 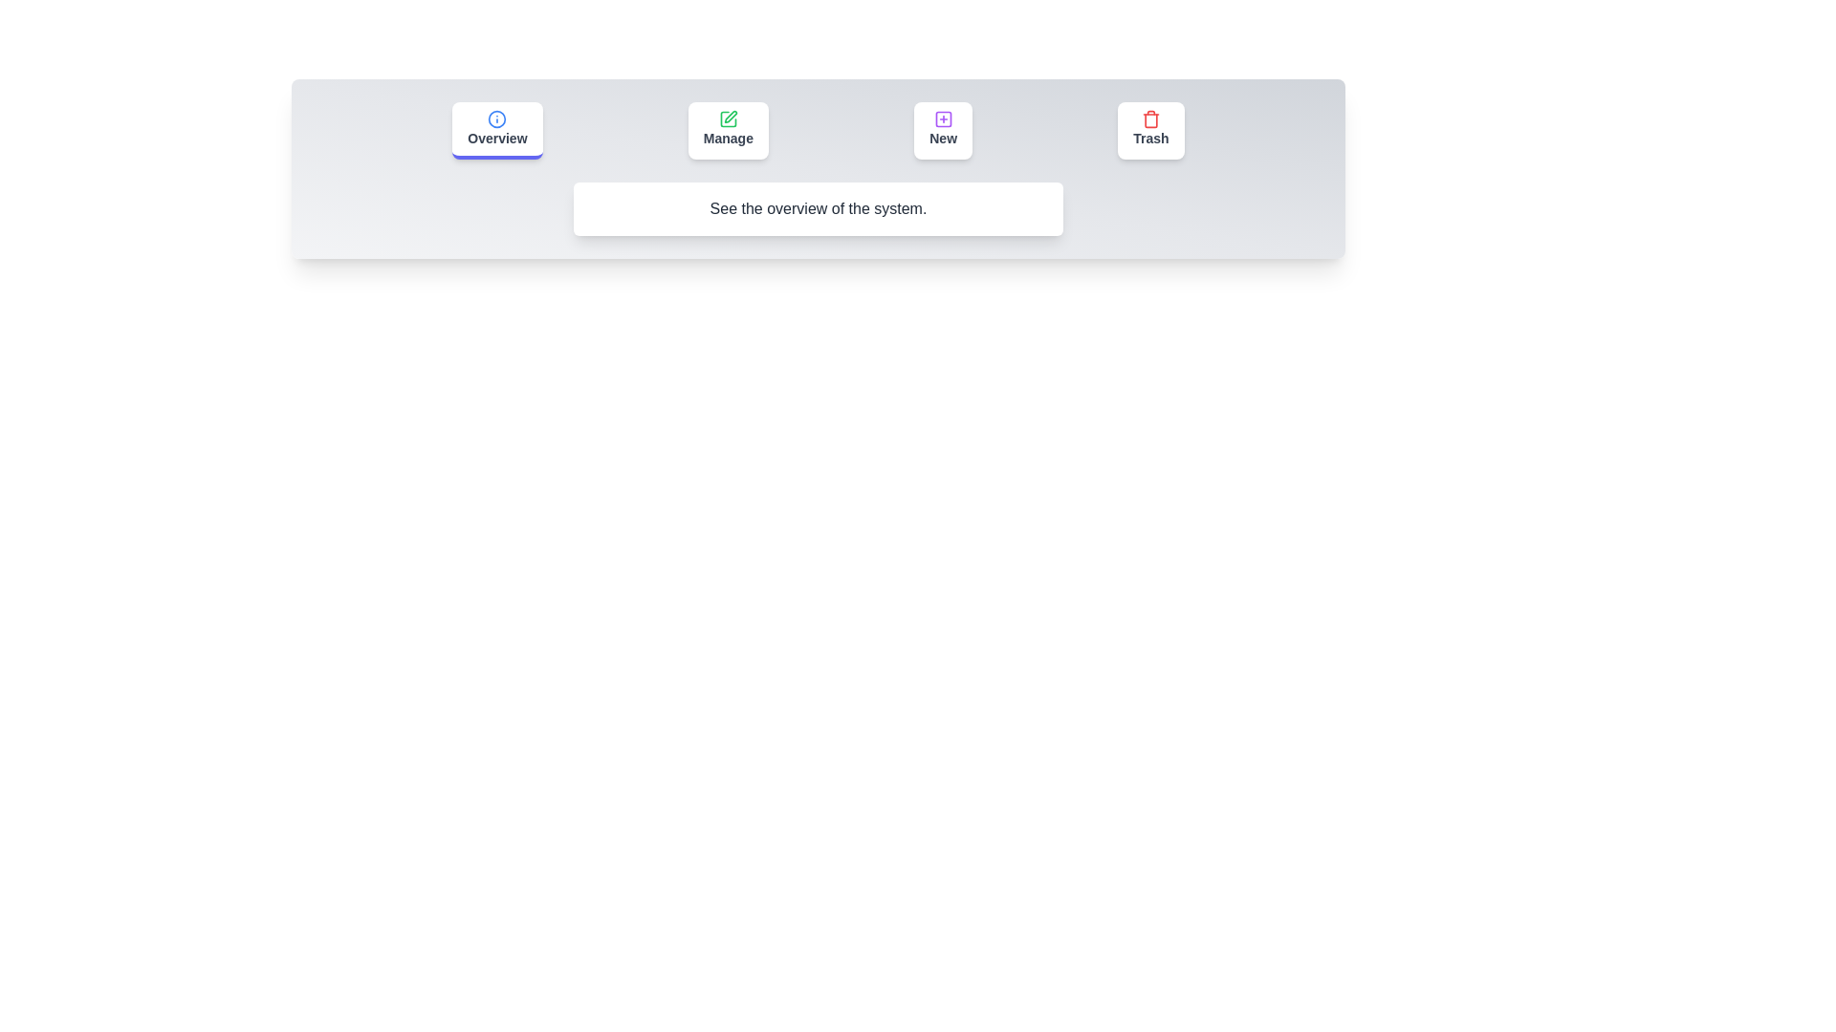 What do you see at coordinates (1150, 130) in the screenshot?
I see `the tab labeled Trash` at bounding box center [1150, 130].